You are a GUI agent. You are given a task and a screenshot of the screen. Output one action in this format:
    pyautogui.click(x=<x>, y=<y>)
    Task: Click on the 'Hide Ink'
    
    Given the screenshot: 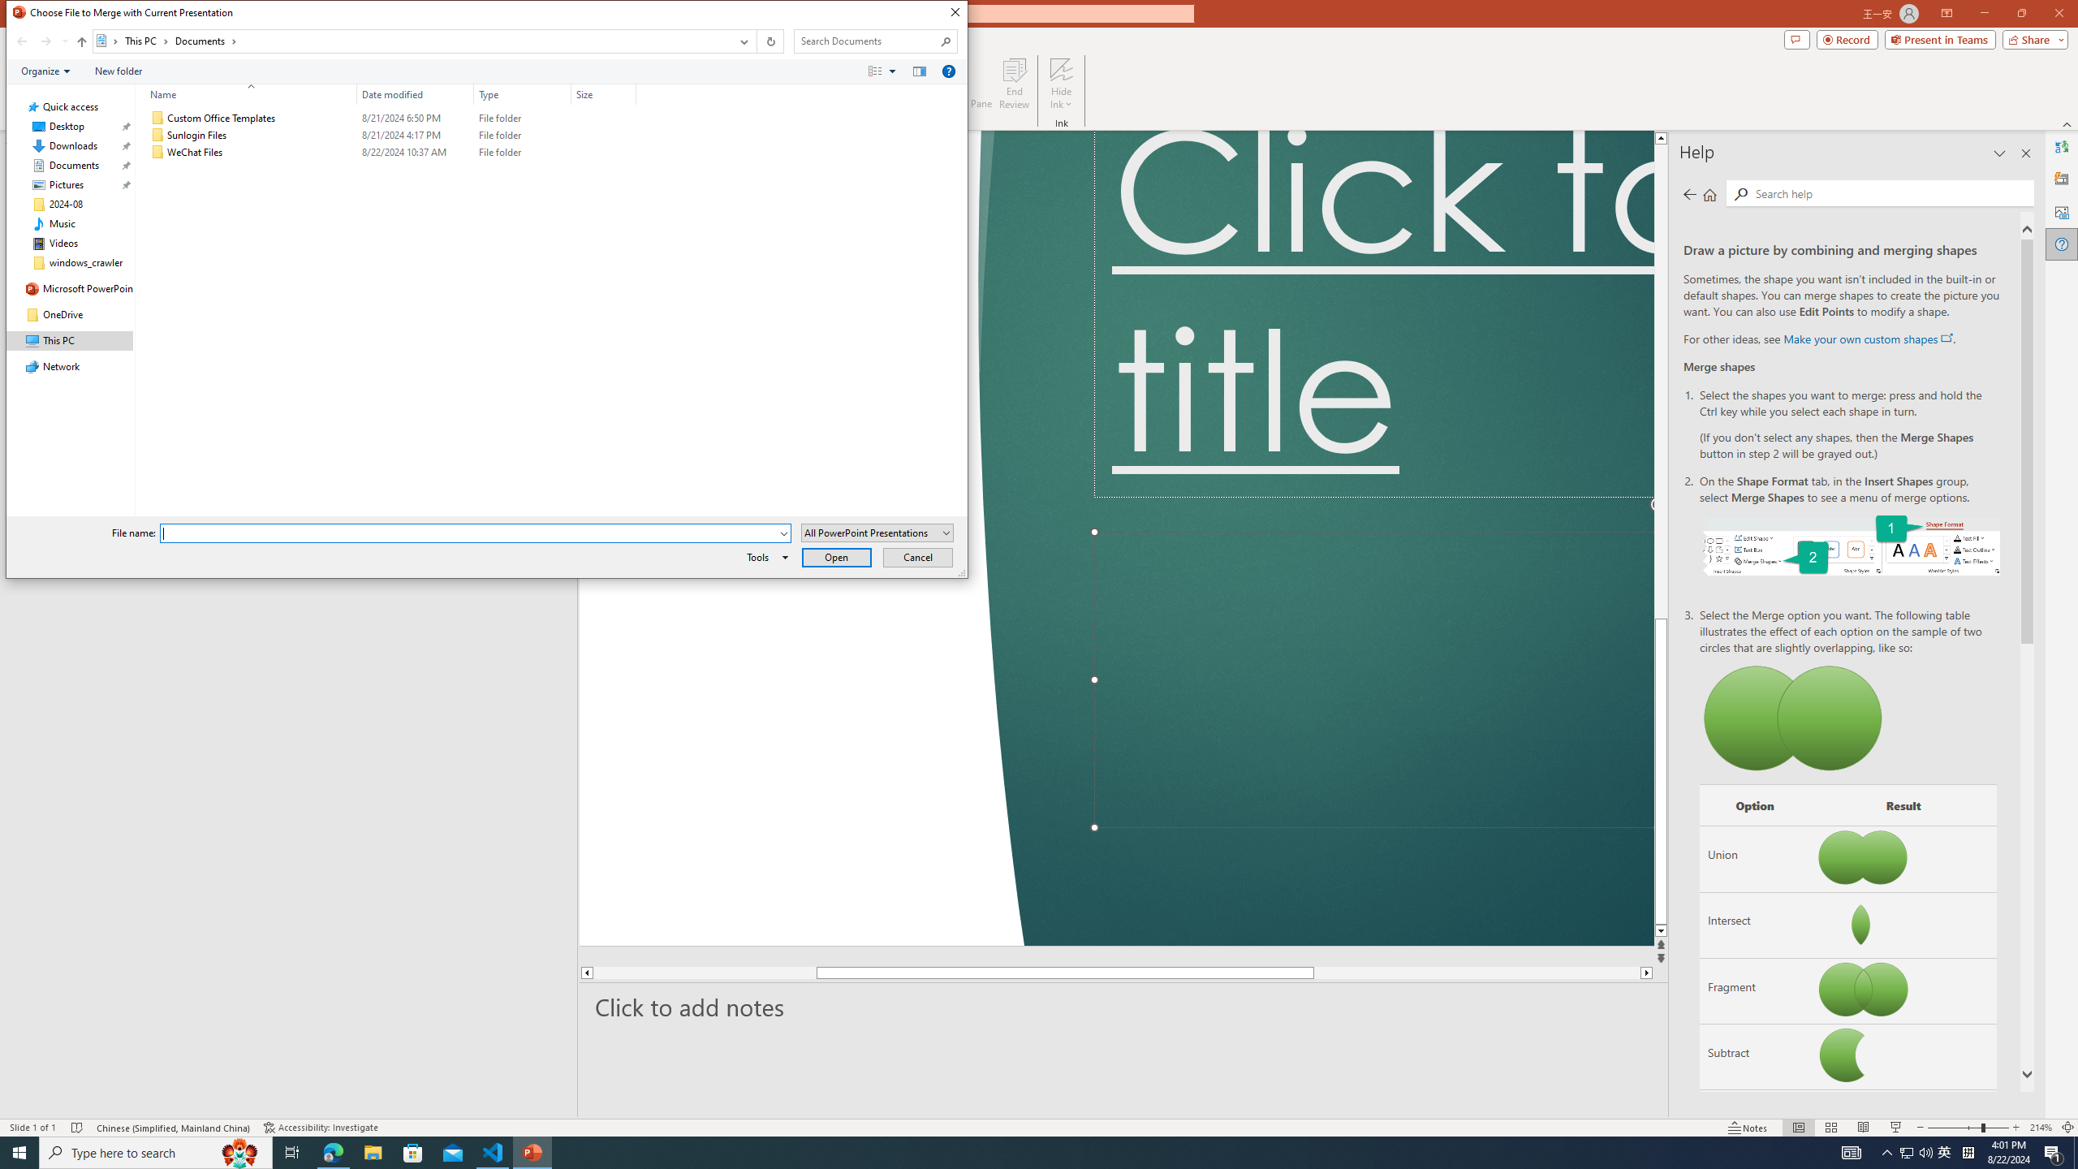 What is the action you would take?
    pyautogui.click(x=1062, y=84)
    